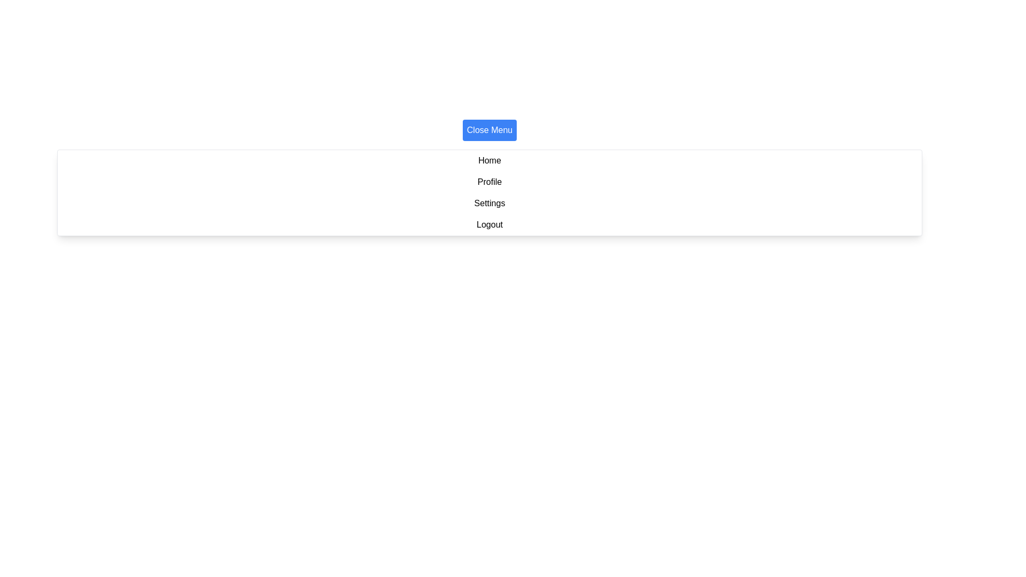  Describe the element at coordinates (489, 224) in the screenshot. I see `the 'Logout' button, which is the last option in the vertical menu` at that location.